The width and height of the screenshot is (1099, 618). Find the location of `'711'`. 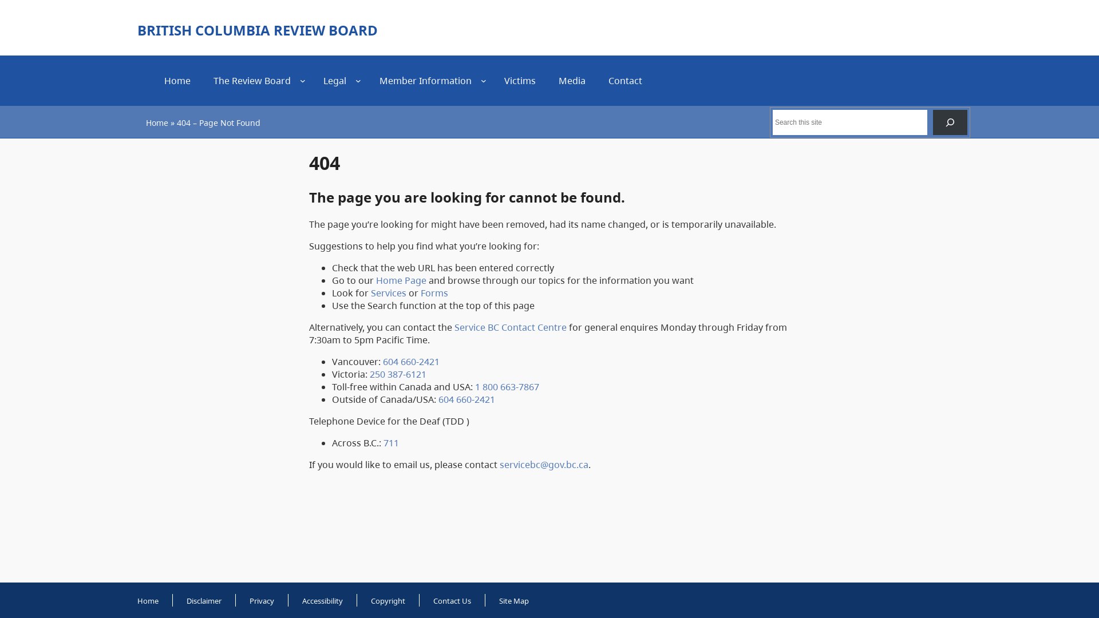

'711' is located at coordinates (391, 442).